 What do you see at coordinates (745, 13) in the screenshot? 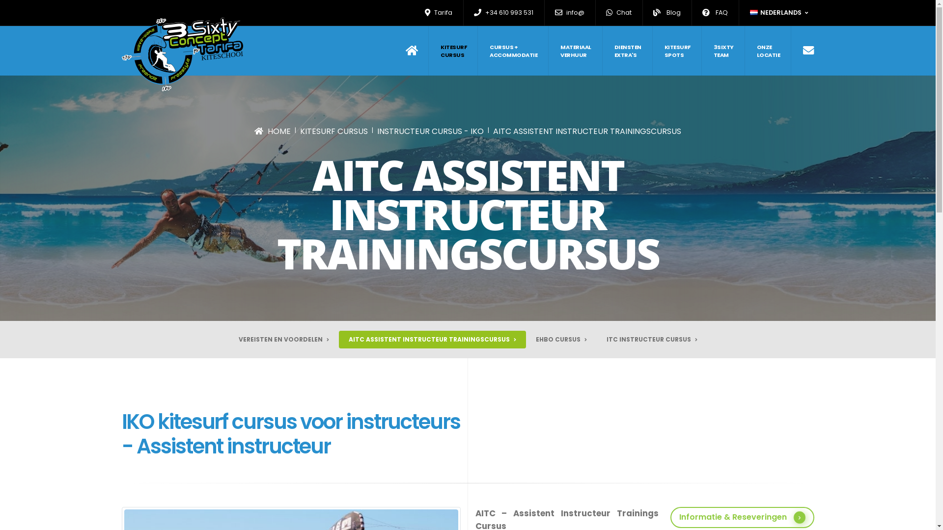
I see `'NEDERLANDS'` at bounding box center [745, 13].